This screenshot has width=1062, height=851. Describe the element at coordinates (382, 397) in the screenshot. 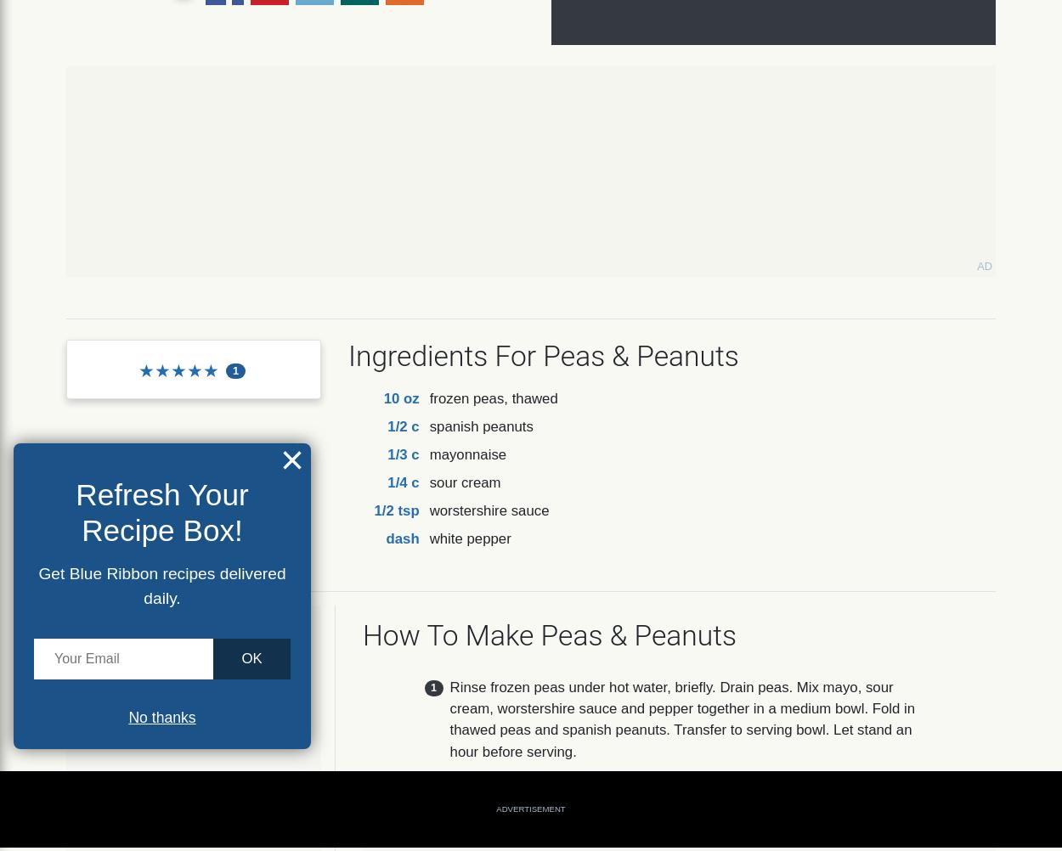

I see `'10 oz'` at that location.